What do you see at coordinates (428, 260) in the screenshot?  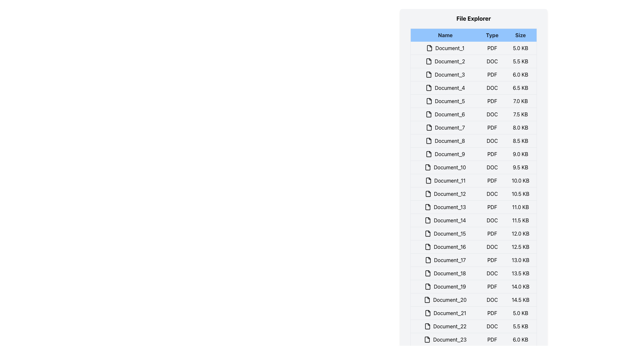 I see `the document icon representing 'Document_17' in the file list interface, which is a rectangular icon with rounded corners and a folded upper-right corner` at bounding box center [428, 260].